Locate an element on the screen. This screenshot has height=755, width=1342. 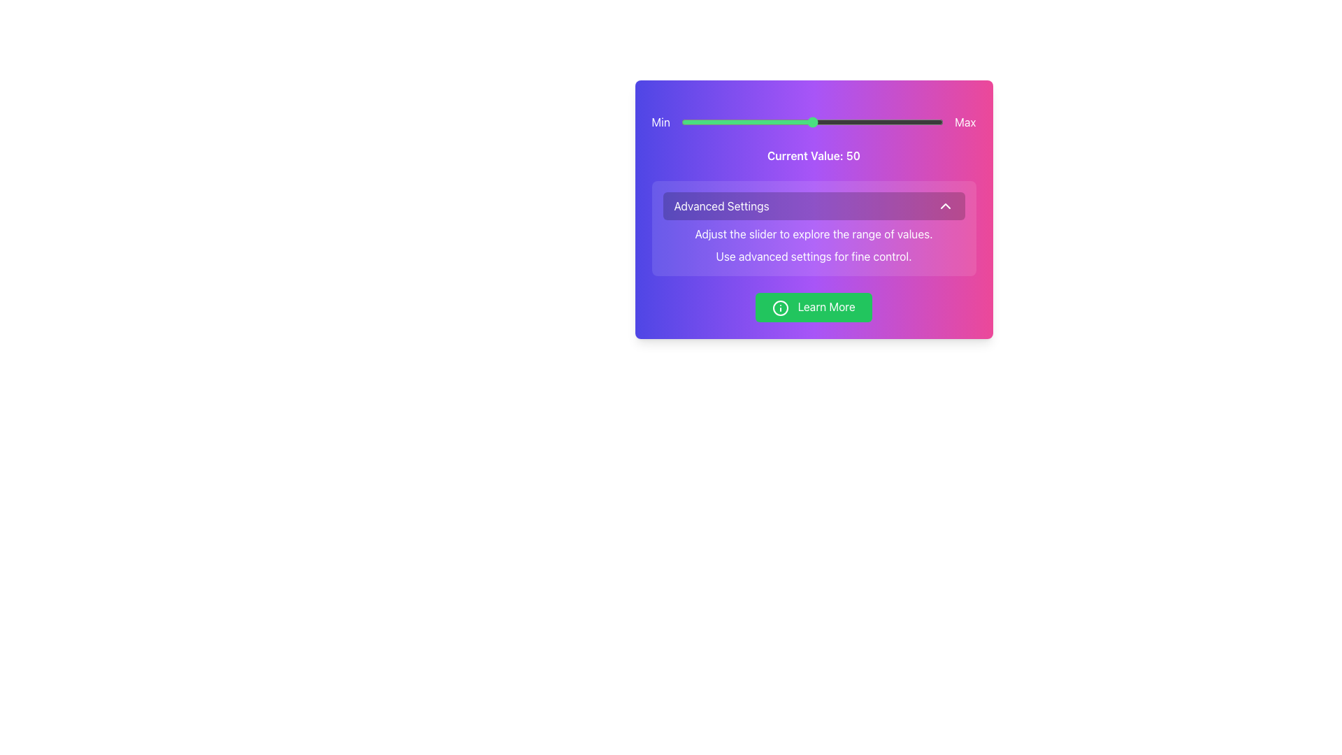
text instructions located in the Text block within the 'Advanced Settings' section, which is centrally aligned and consists of two lines on a colorful gradient background is located at coordinates (814, 245).